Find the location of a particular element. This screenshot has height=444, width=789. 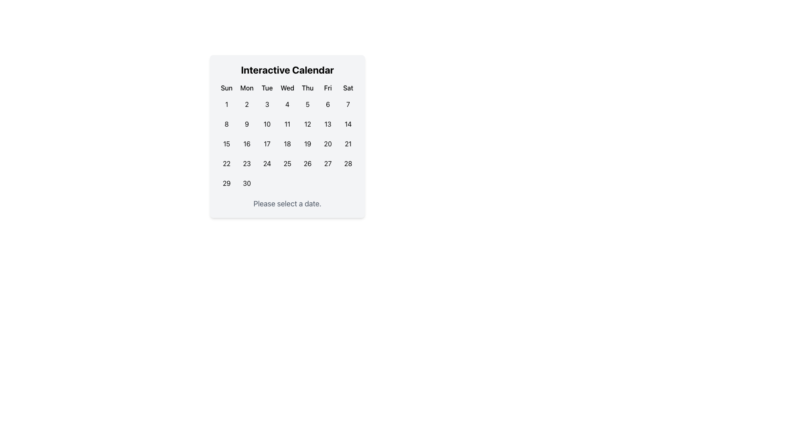

the selectable date number '6' in the calendar grid is located at coordinates (328, 104).